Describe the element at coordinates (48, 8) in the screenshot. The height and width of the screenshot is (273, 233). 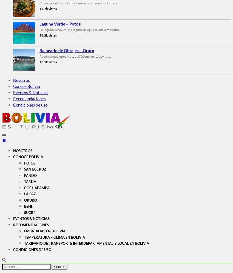
I see `'16.7k vistas'` at that location.